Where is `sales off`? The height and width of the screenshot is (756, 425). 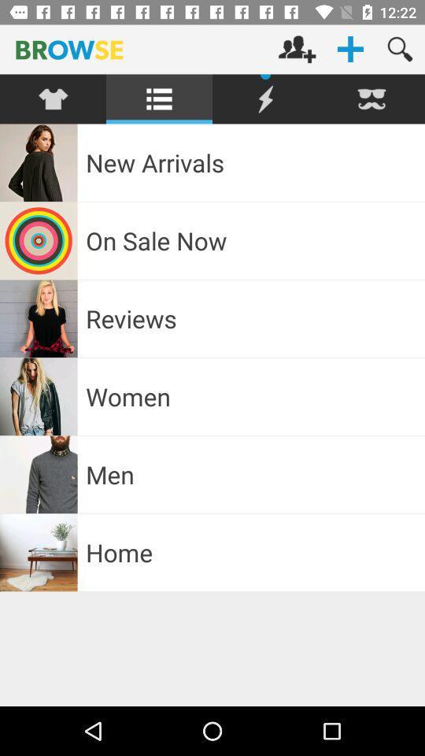 sales off is located at coordinates (265, 98).